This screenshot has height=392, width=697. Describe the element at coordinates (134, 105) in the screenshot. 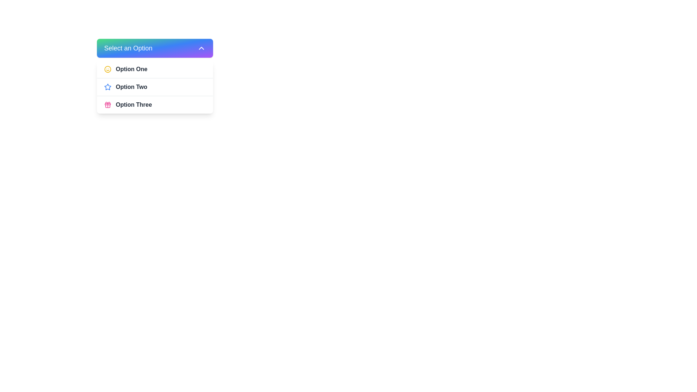

I see `the text label for the third selectable option in the dropdown menu located at the bottom-center of the menu` at that location.